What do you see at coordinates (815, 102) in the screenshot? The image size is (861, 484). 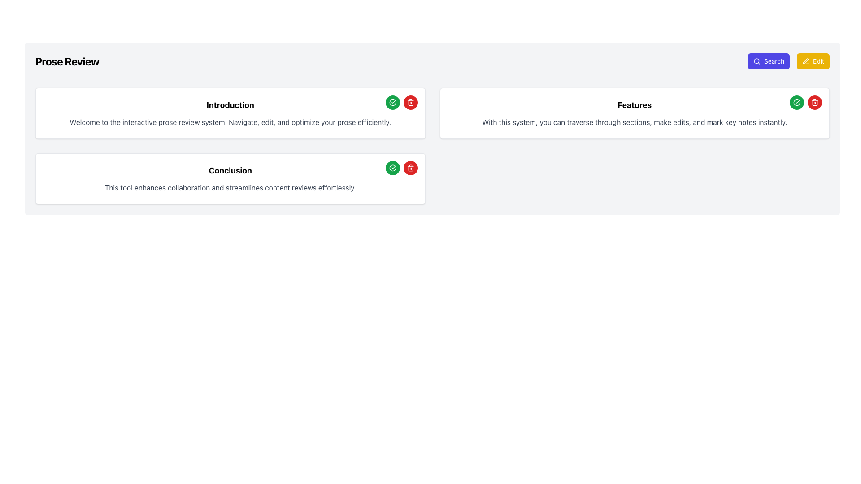 I see `the delete button located at the top right corner of the 'Features' section, which is inside a rounded red button next to a green checkmark icon` at bounding box center [815, 102].